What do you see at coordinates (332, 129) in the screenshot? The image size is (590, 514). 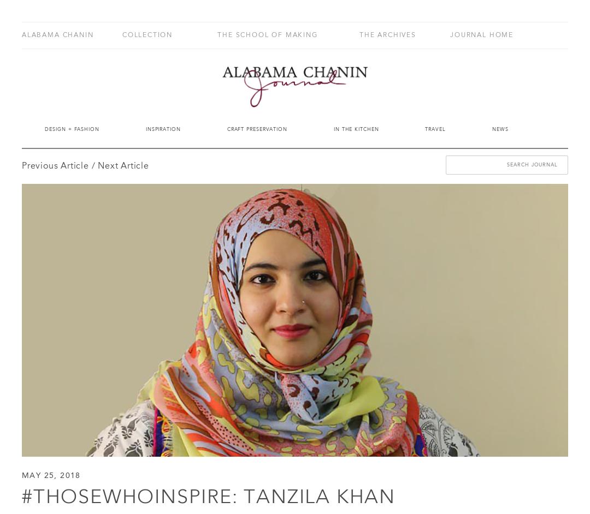 I see `'IN THE KITCHEN'` at bounding box center [332, 129].